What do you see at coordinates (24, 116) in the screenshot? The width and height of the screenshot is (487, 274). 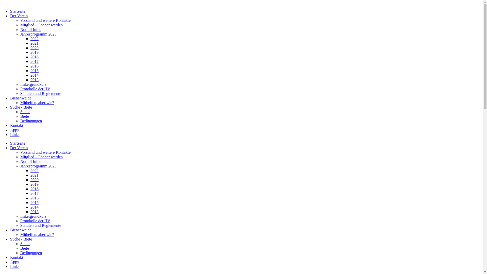 I see `'Biete'` at bounding box center [24, 116].